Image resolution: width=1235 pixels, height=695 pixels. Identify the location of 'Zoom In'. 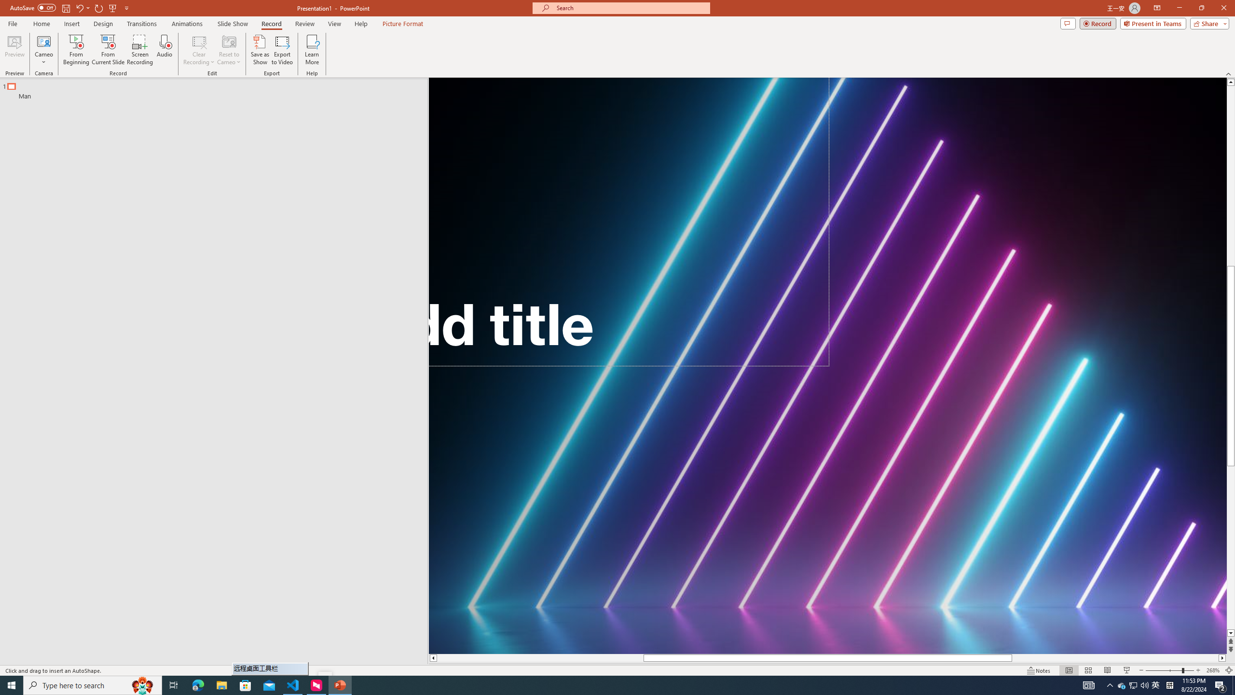
(1198, 670).